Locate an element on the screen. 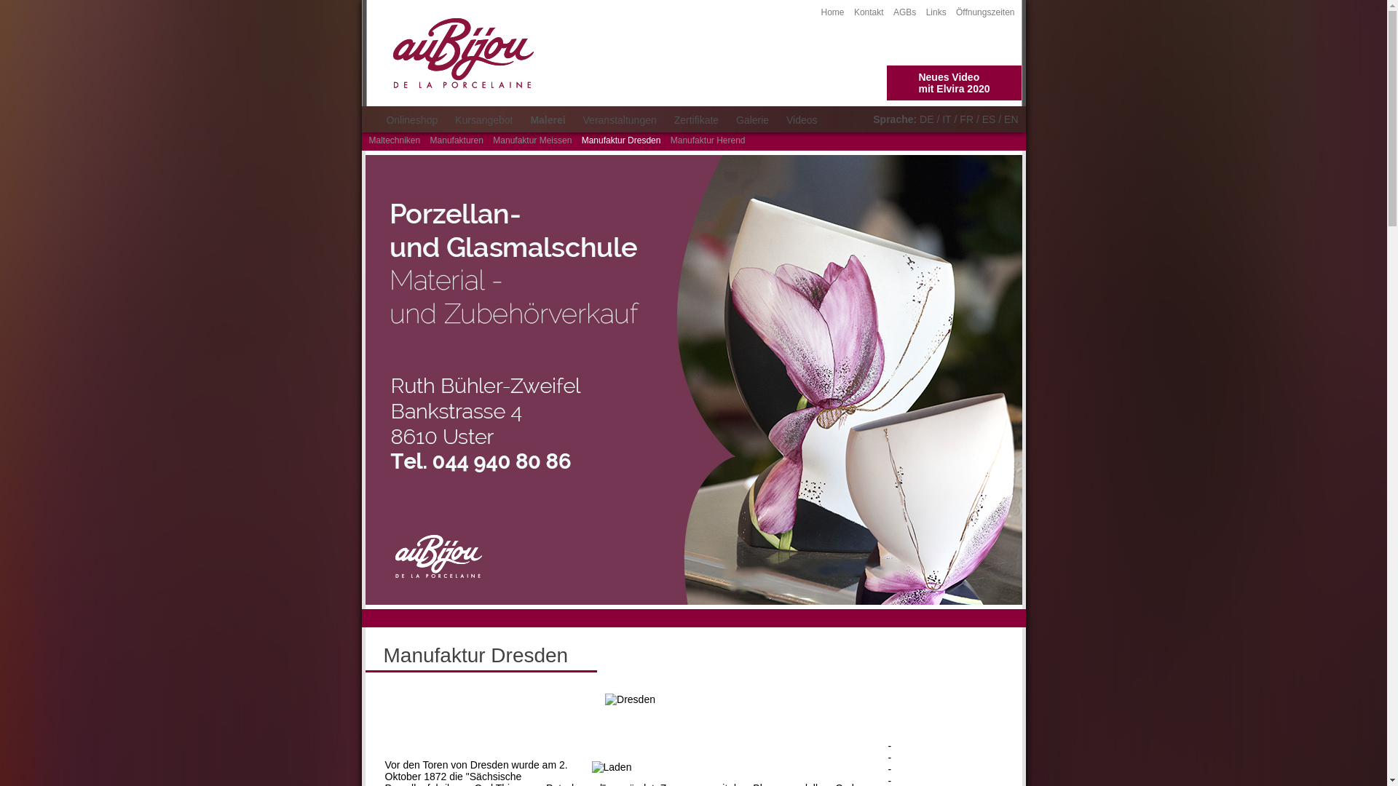 The width and height of the screenshot is (1398, 786). 'AGBs' is located at coordinates (893, 12).